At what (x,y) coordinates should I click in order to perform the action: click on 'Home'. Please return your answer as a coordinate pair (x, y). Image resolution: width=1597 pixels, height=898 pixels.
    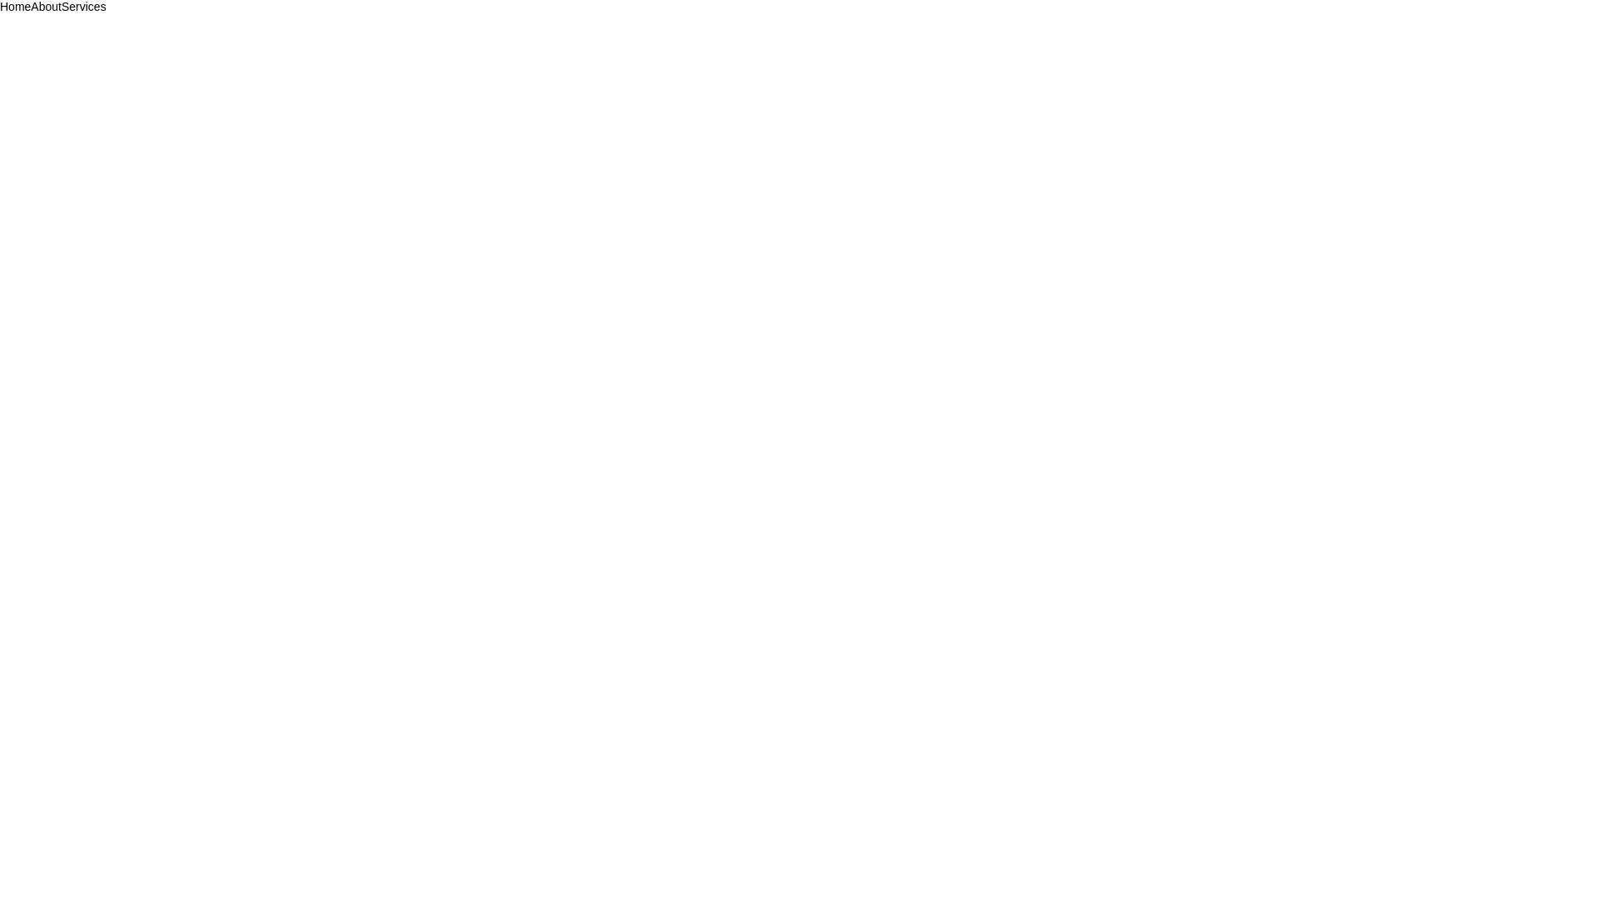
    Looking at the image, I should click on (15, 7).